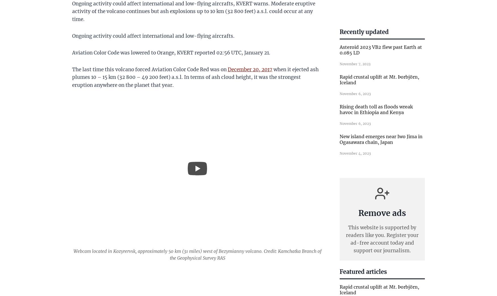 The width and height of the screenshot is (497, 296). What do you see at coordinates (363, 271) in the screenshot?
I see `'Featured articles'` at bounding box center [363, 271].